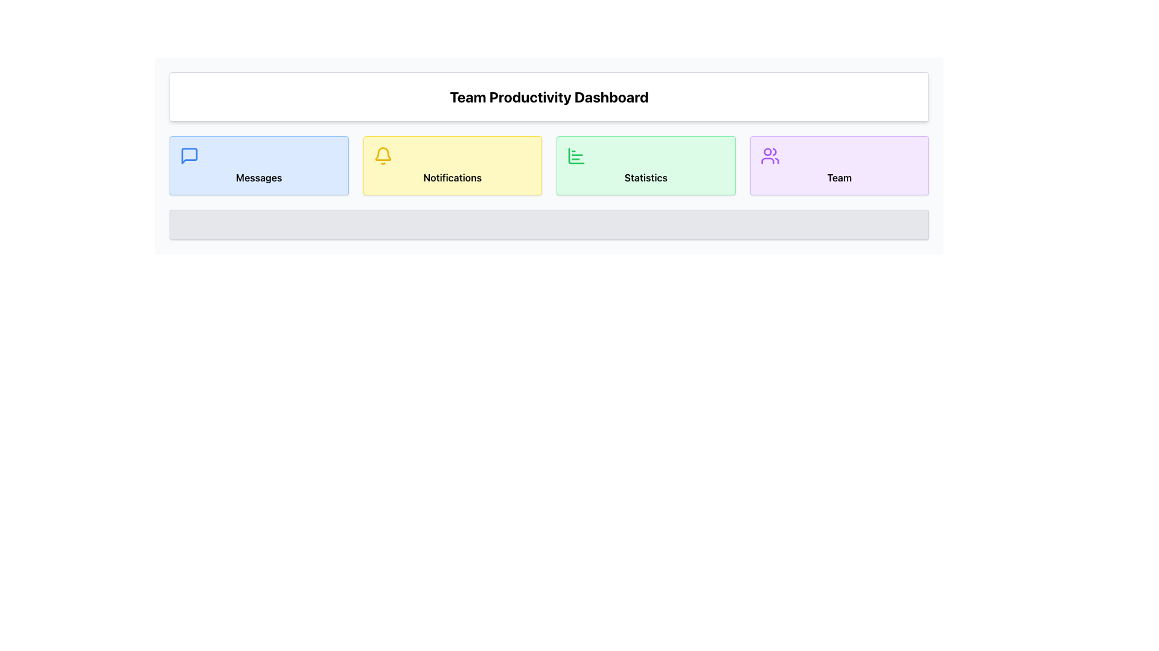  I want to click on the green bar chart icon located at the center-top of the light green 'Statistics' card, which is the third card from the left in the second row, so click(576, 155).